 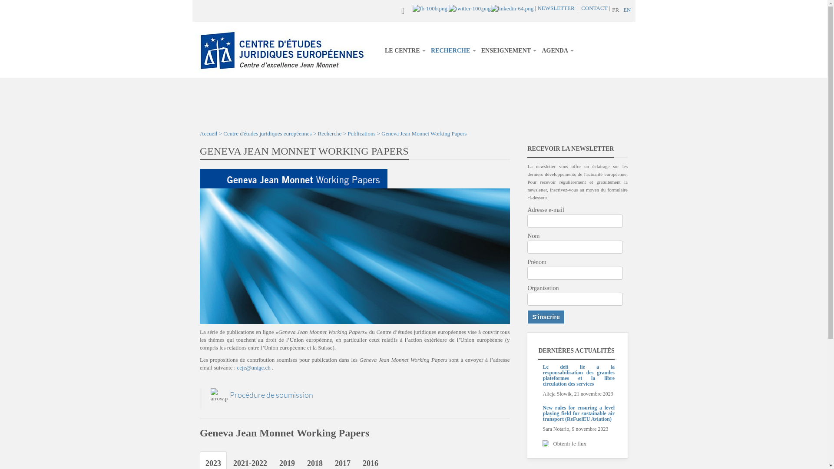 What do you see at coordinates (527, 317) in the screenshot?
I see `'S'inscrire'` at bounding box center [527, 317].